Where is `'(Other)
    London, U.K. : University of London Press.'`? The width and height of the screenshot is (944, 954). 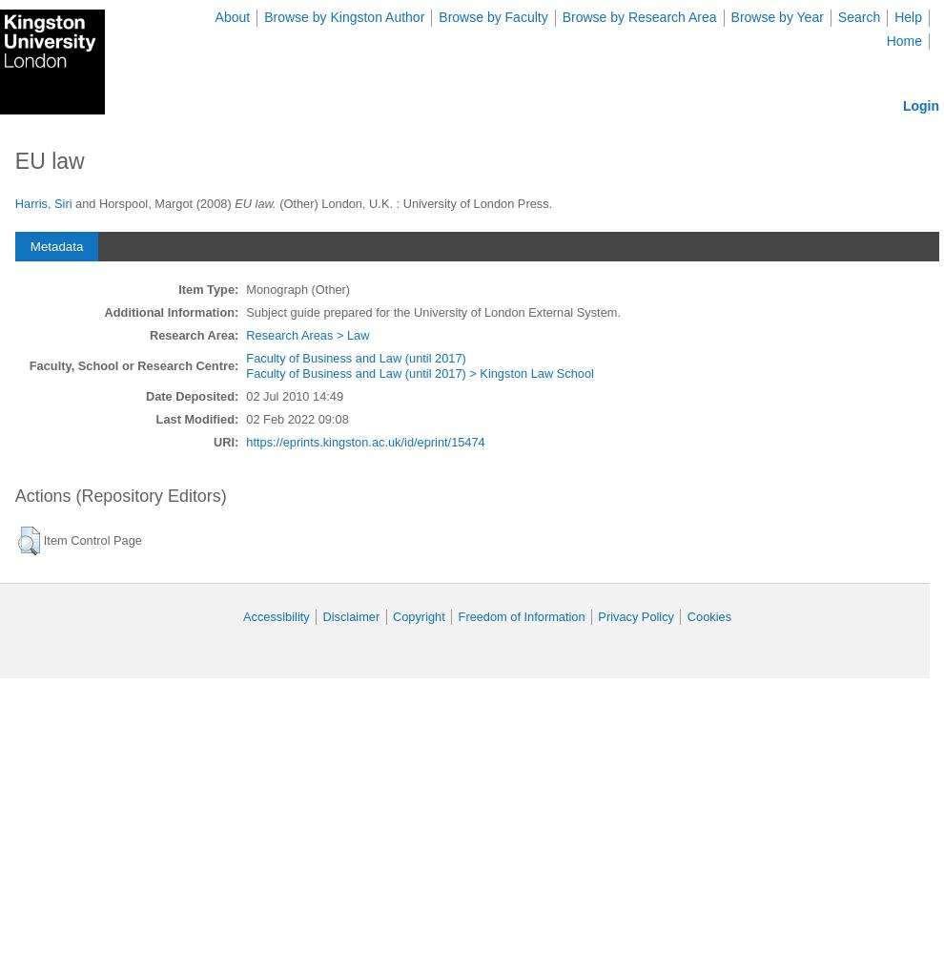 '(Other)
    London, U.K. : University of London Press.' is located at coordinates (413, 202).